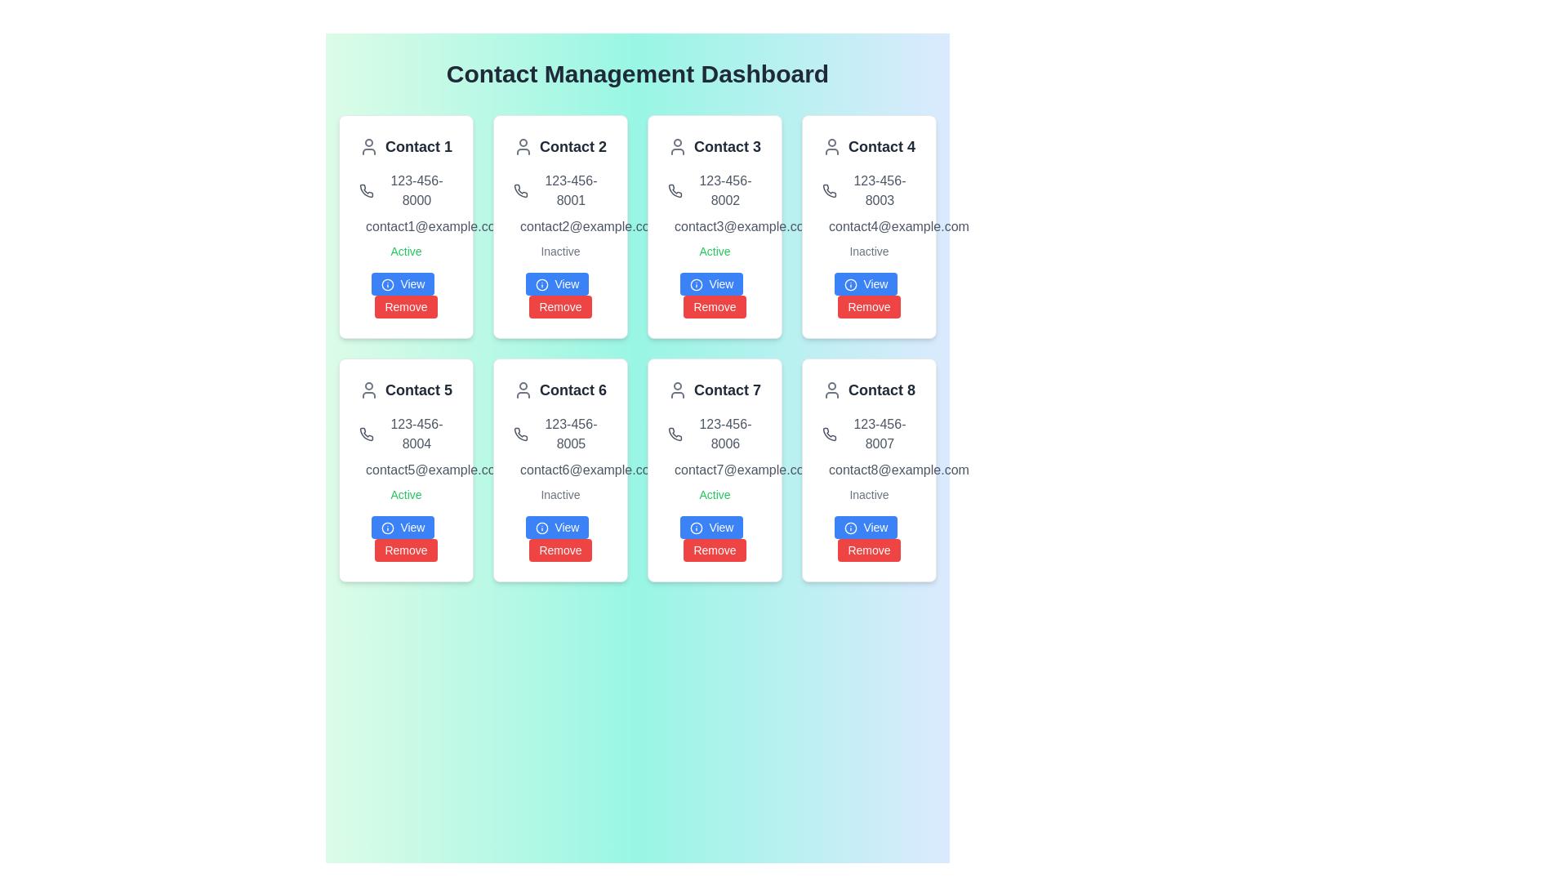  Describe the element at coordinates (696, 284) in the screenshot. I see `the information icon within the blue 'View' button in the 'Contact 3' card located in the first row and third column of the contact grid` at that location.